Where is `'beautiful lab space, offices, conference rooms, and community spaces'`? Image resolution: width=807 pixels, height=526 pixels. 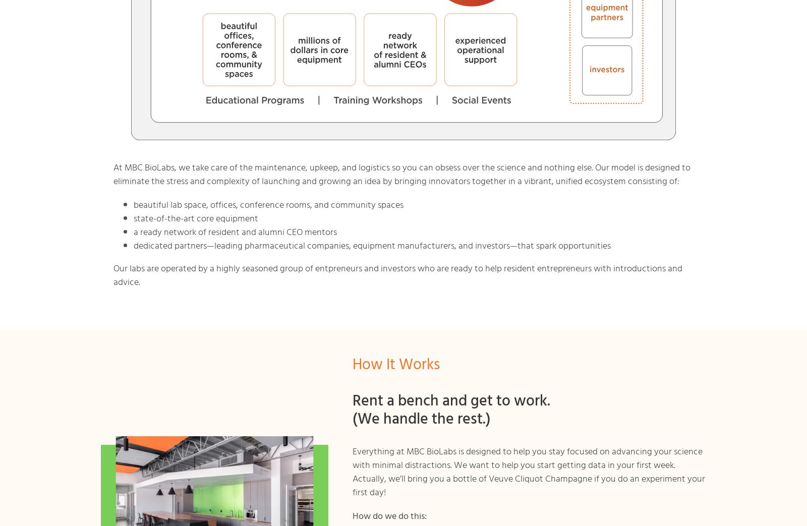 'beautiful lab space, offices, conference rooms, and community spaces' is located at coordinates (133, 204).